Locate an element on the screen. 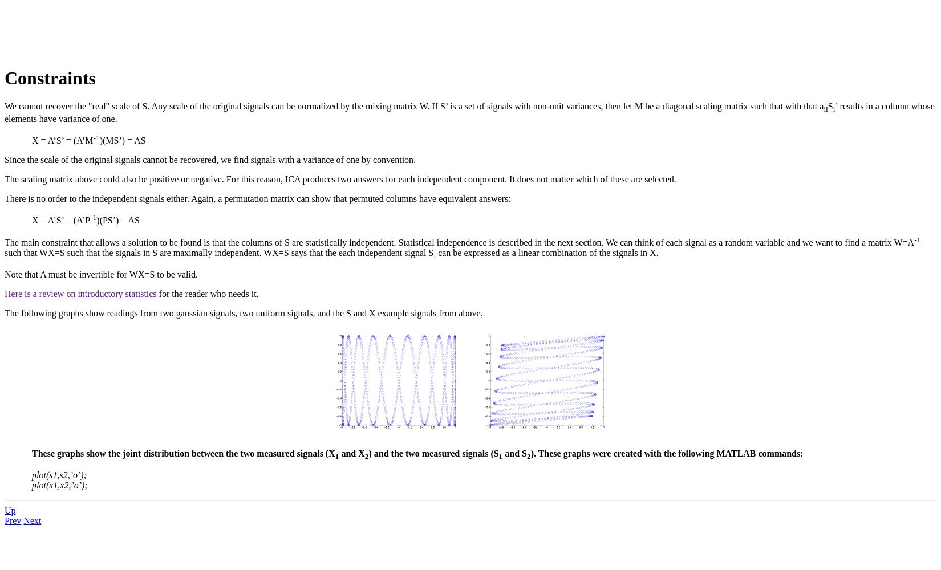  'and S' is located at coordinates (514, 453).